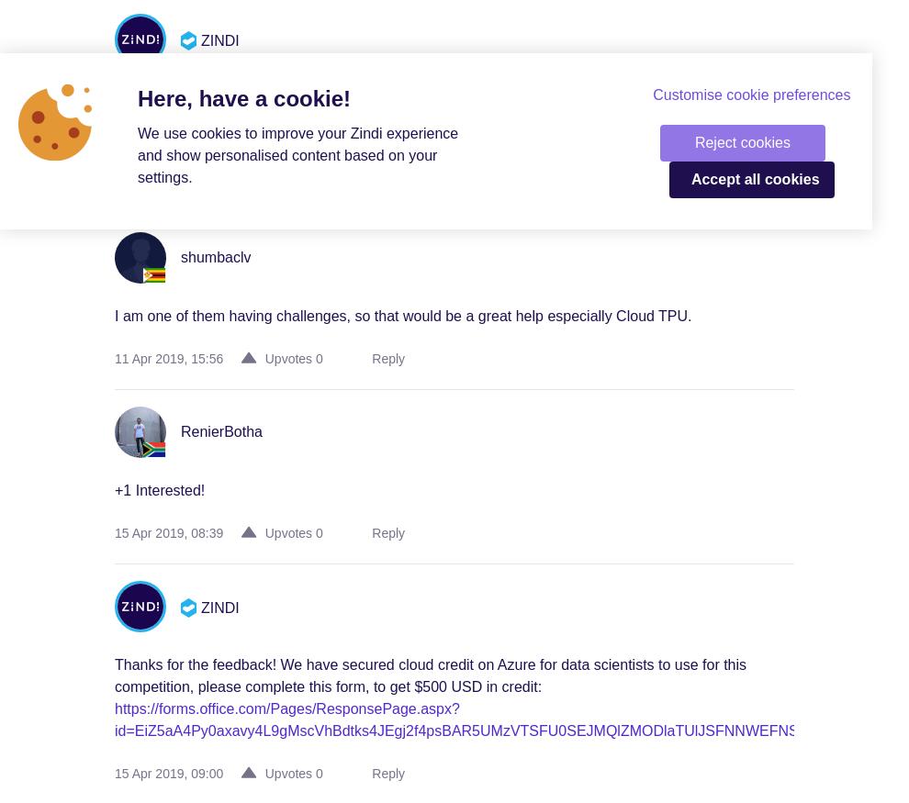 The width and height of the screenshot is (909, 803). What do you see at coordinates (751, 179) in the screenshot?
I see `'all'` at bounding box center [751, 179].